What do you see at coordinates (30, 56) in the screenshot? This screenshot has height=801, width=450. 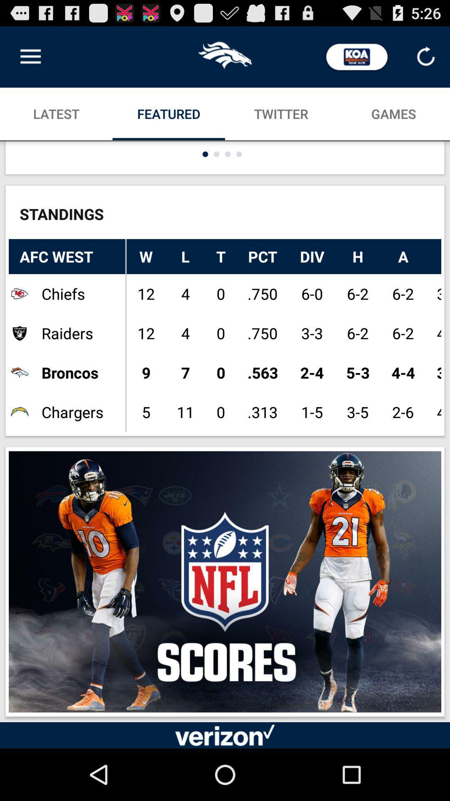 I see `the icon above the latest icon` at bounding box center [30, 56].